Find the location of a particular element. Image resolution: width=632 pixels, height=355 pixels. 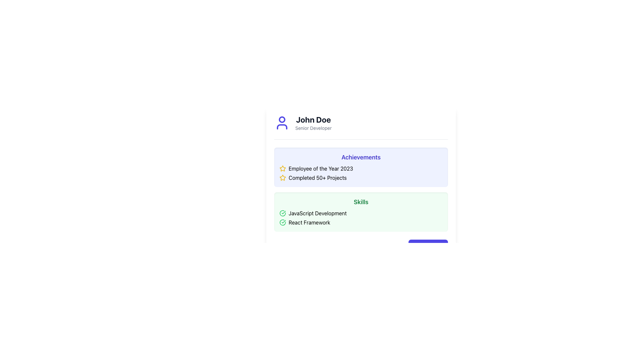

the 'Employee of the Year 2023' achievement icon located in the Achievements section of the user profile card is located at coordinates (283, 177).